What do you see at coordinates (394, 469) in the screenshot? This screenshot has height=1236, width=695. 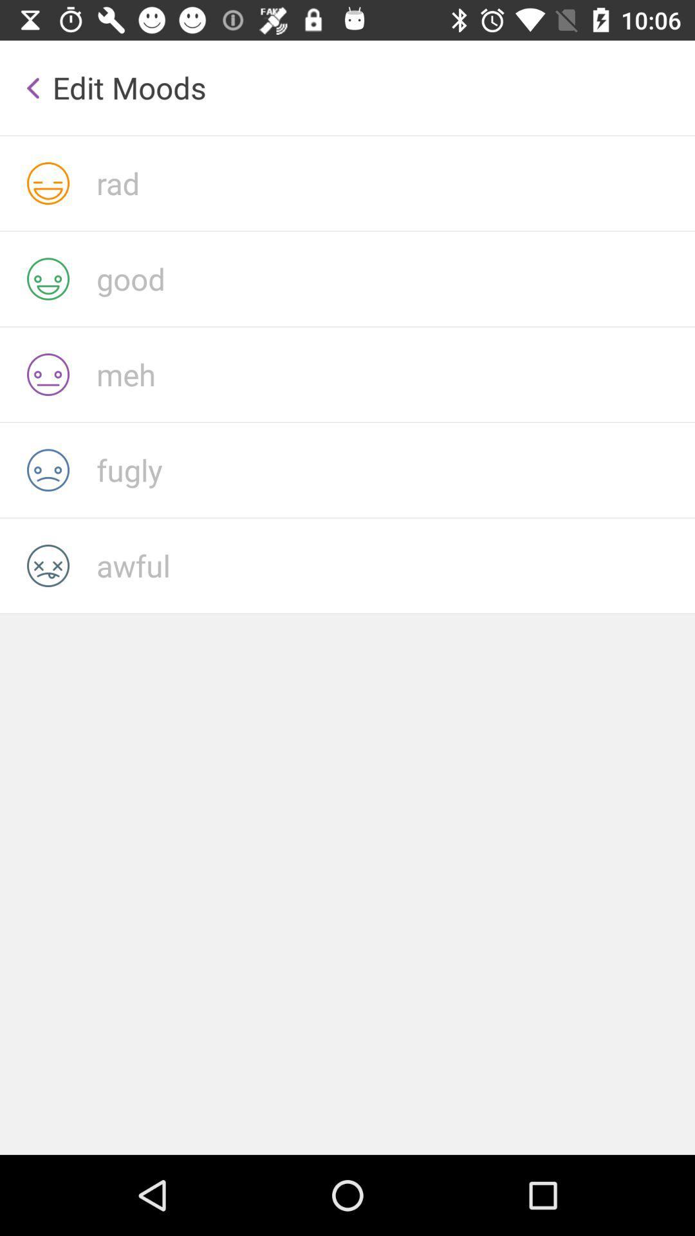 I see `fugly with current mood` at bounding box center [394, 469].